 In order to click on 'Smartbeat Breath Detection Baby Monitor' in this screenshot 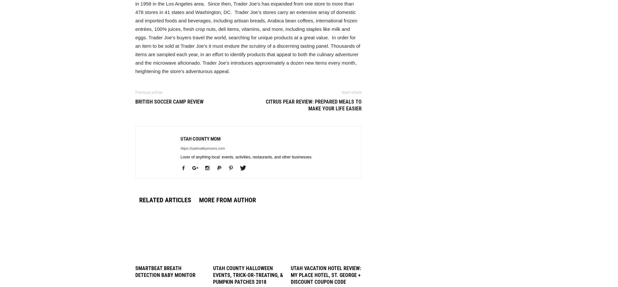, I will do `click(165, 271)`.